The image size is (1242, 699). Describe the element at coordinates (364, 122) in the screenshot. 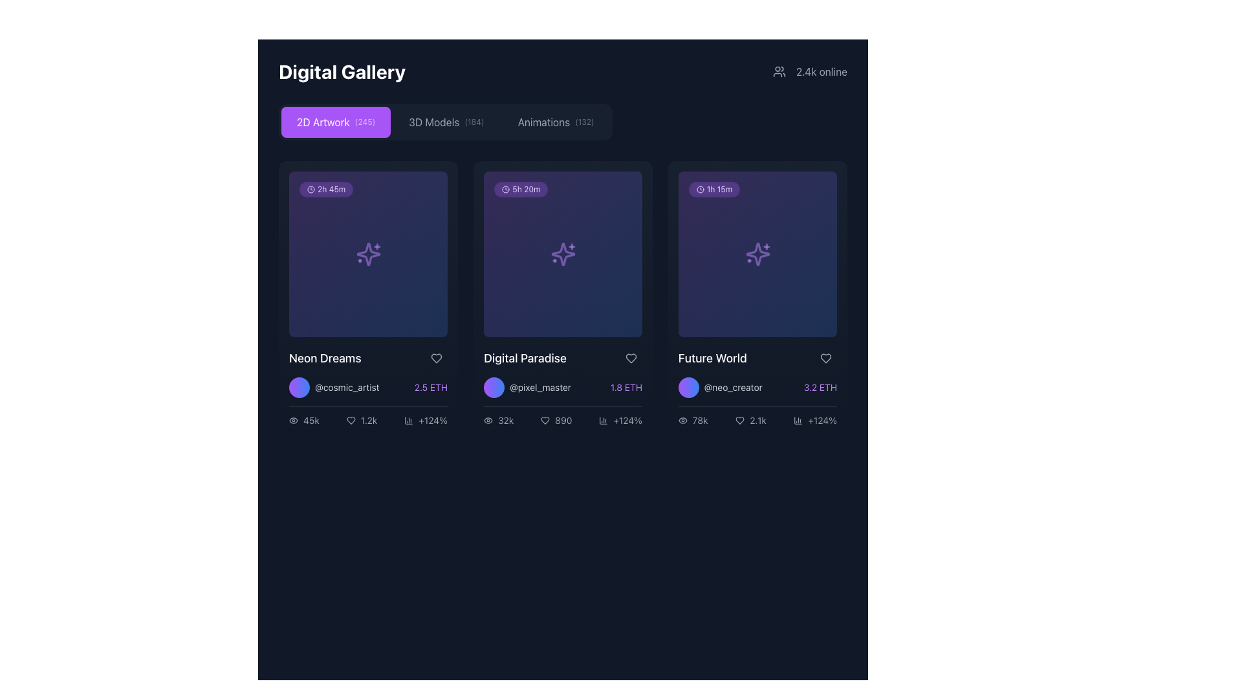

I see `the supplementary text label located to the right of the main text '2D Artwork' within the button labeled '2D Artwork'` at that location.